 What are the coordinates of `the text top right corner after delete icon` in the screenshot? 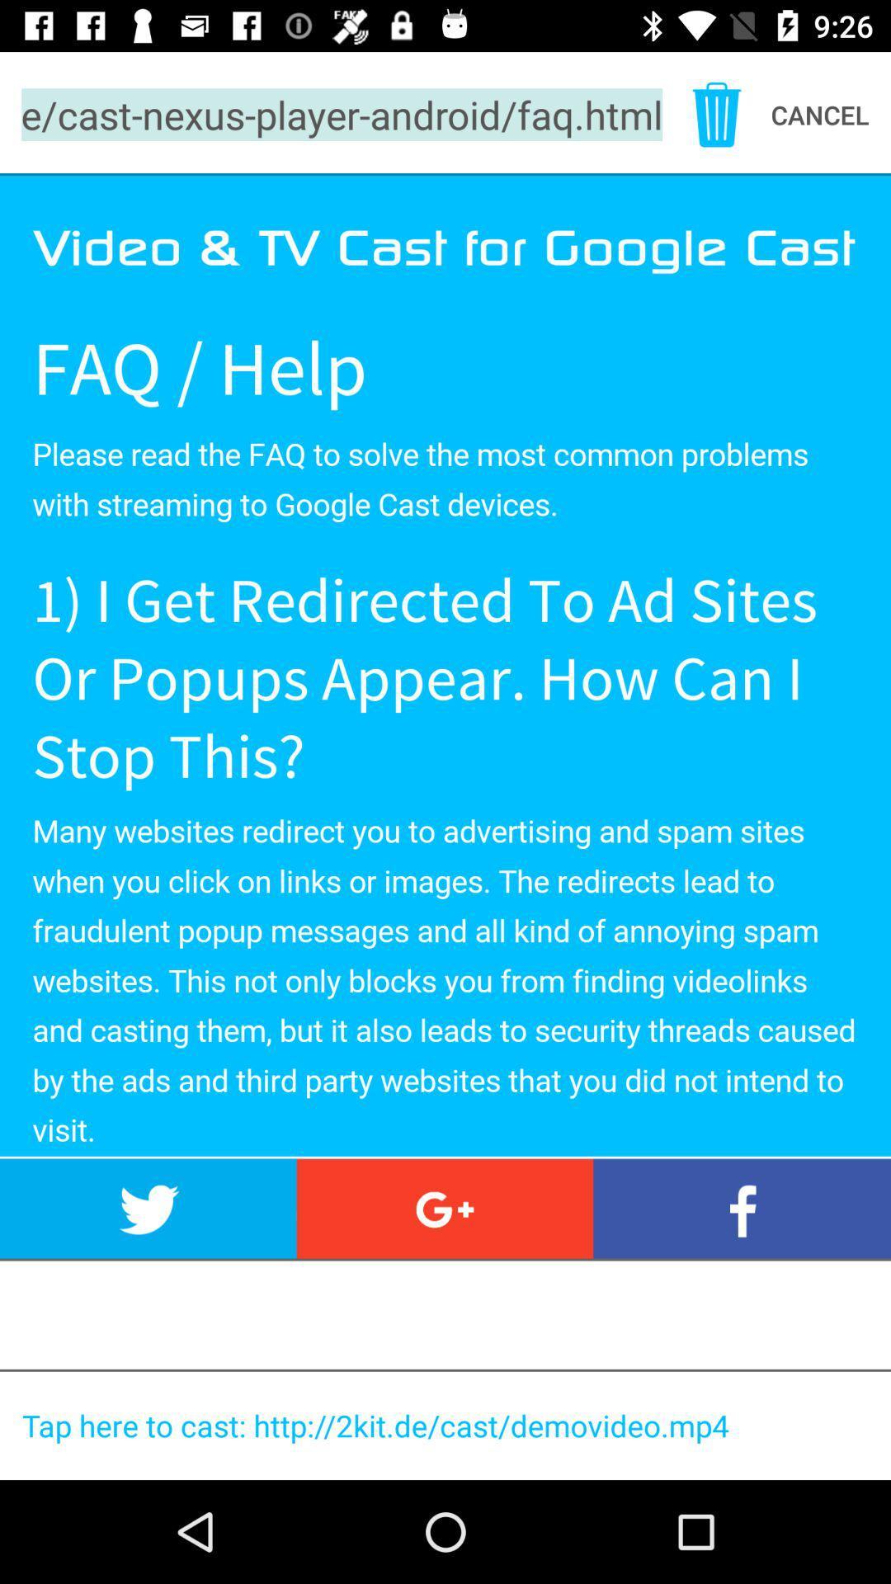 It's located at (831, 114).